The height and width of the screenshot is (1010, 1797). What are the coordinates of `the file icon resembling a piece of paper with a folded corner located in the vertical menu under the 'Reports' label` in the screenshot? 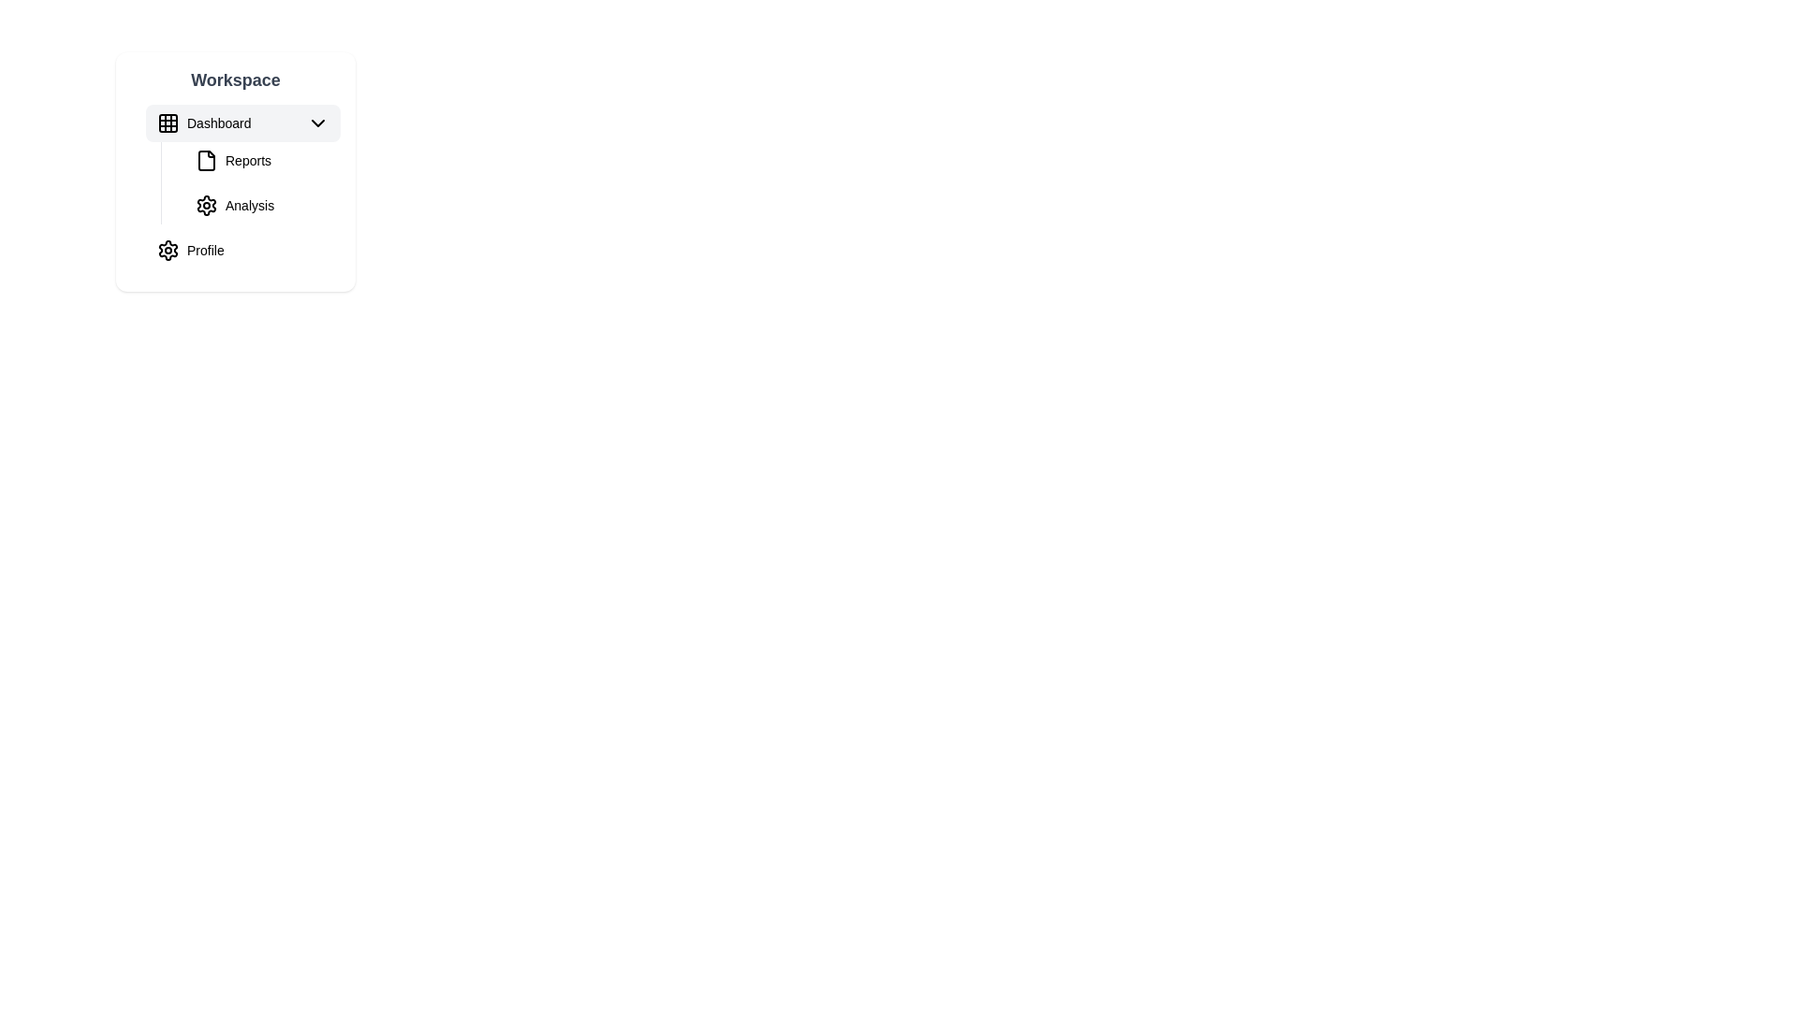 It's located at (206, 160).